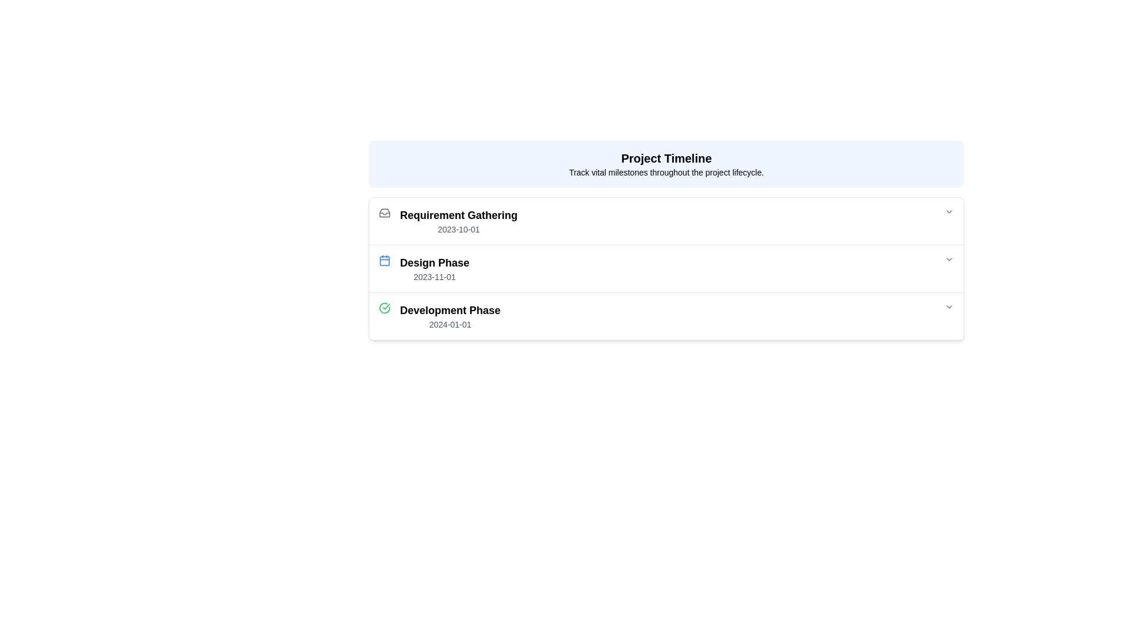 This screenshot has width=1128, height=634. What do you see at coordinates (384, 307) in the screenshot?
I see `the completion icon located to the right of the 'Development Phase' list item, which indicates that the development phase is successfully completed, positioned above the date '2024-01-01'` at bounding box center [384, 307].